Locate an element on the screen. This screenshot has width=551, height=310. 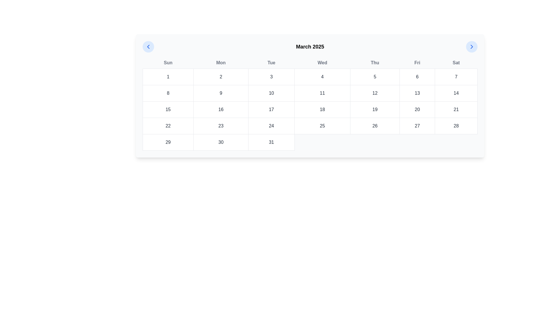
the Saturday header label in the calendar interface, which is the last in the sequence of weekday labels is located at coordinates (456, 63).